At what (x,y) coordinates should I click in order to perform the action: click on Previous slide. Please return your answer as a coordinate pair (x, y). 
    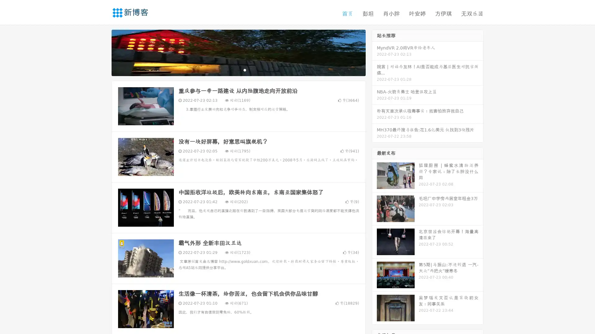
    Looking at the image, I should click on (102, 52).